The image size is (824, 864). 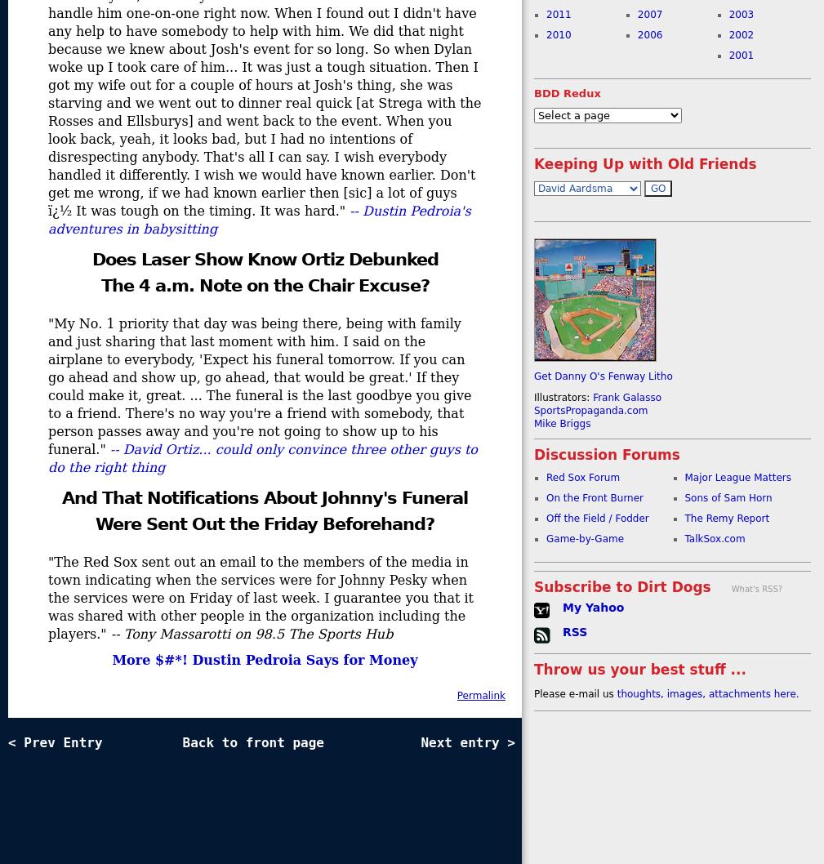 What do you see at coordinates (264, 523) in the screenshot?
I see `'Were Sent Out the Friday Beforehand?'` at bounding box center [264, 523].